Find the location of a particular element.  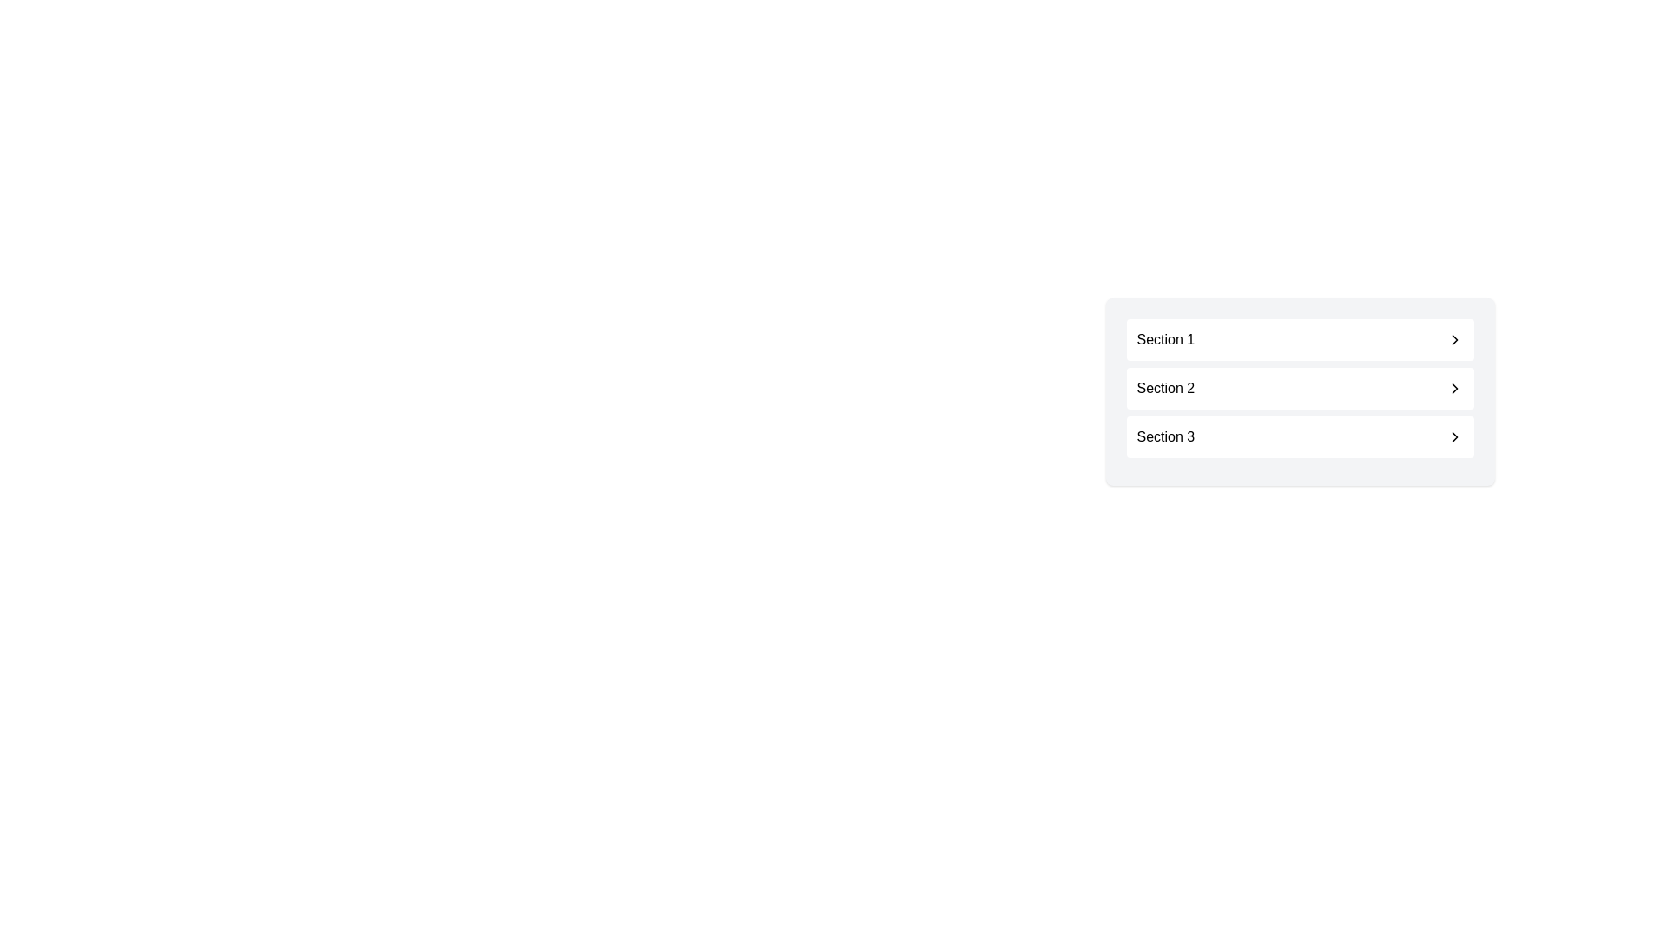

the right-pointing chevron arrow icon positioned to the right of the 'Section 1' text label is located at coordinates (1454, 340).